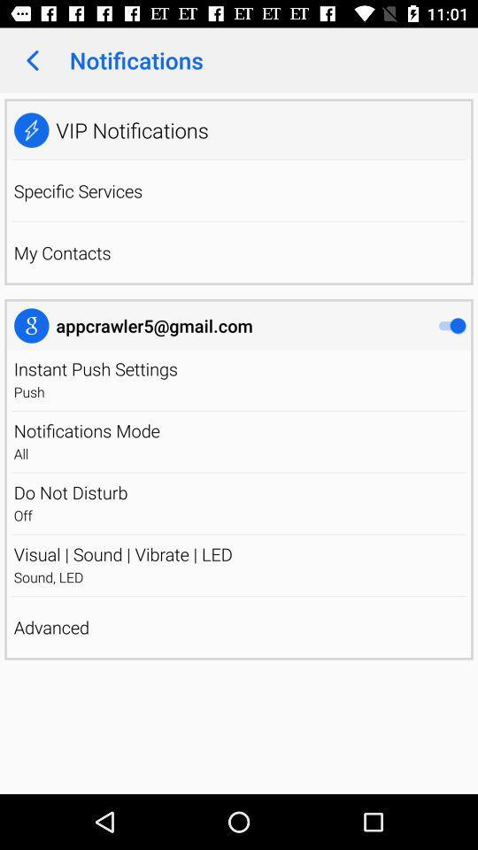 This screenshot has height=850, width=478. I want to click on item above push app, so click(96, 367).